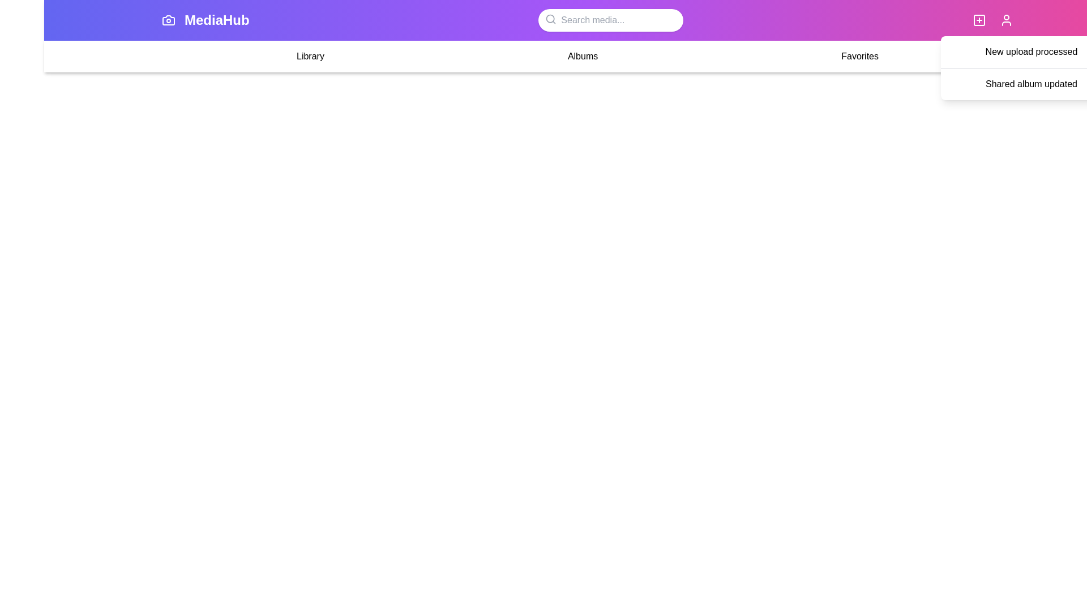 The width and height of the screenshot is (1087, 611). I want to click on the search icon to focus on the search bar, so click(551, 19).